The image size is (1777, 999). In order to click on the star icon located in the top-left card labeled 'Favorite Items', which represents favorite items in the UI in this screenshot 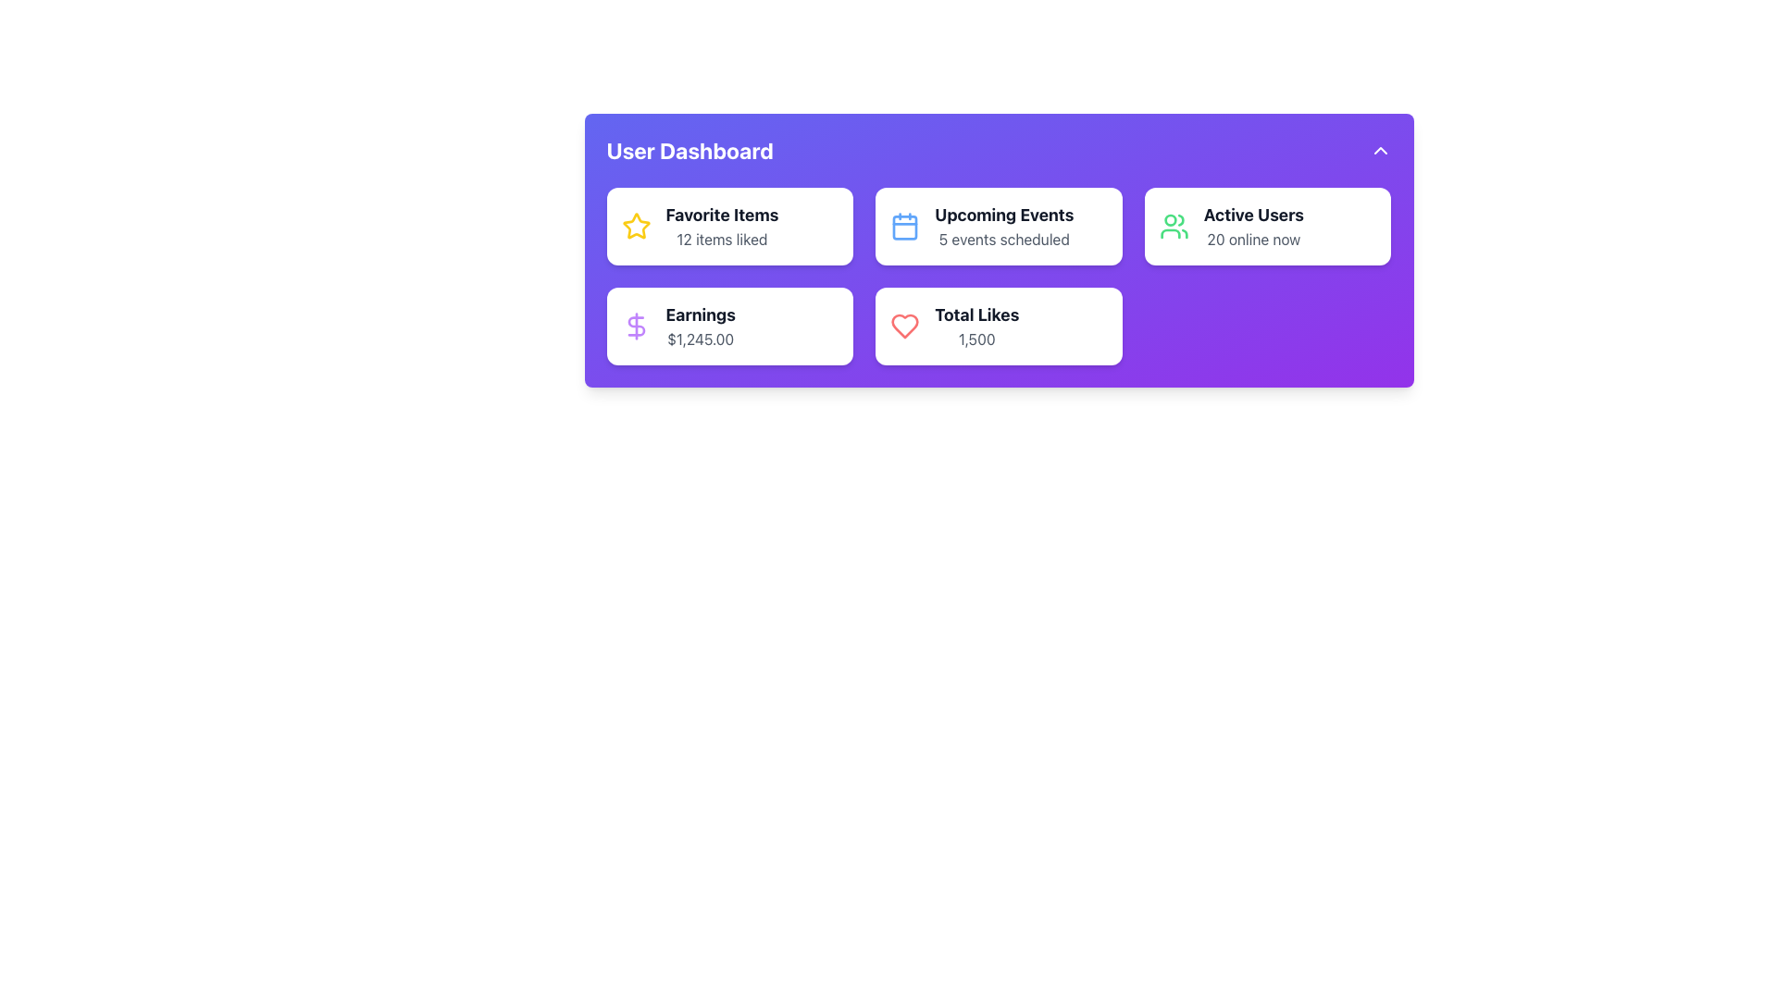, I will do `click(635, 224)`.